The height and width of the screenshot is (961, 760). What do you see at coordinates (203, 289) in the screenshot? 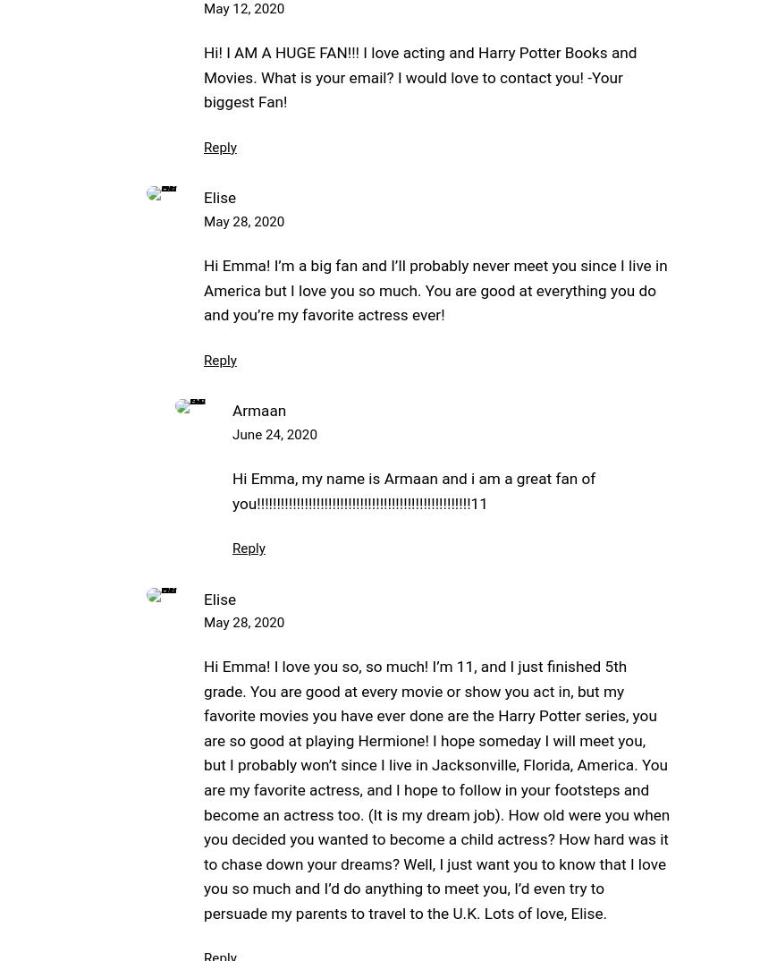
I see `'Hi Emma! I’m a big fan and I’ll probably never meet you since I live in America but I love you so much. You are good at everything you do and you’re my favorite actress ever!'` at bounding box center [203, 289].